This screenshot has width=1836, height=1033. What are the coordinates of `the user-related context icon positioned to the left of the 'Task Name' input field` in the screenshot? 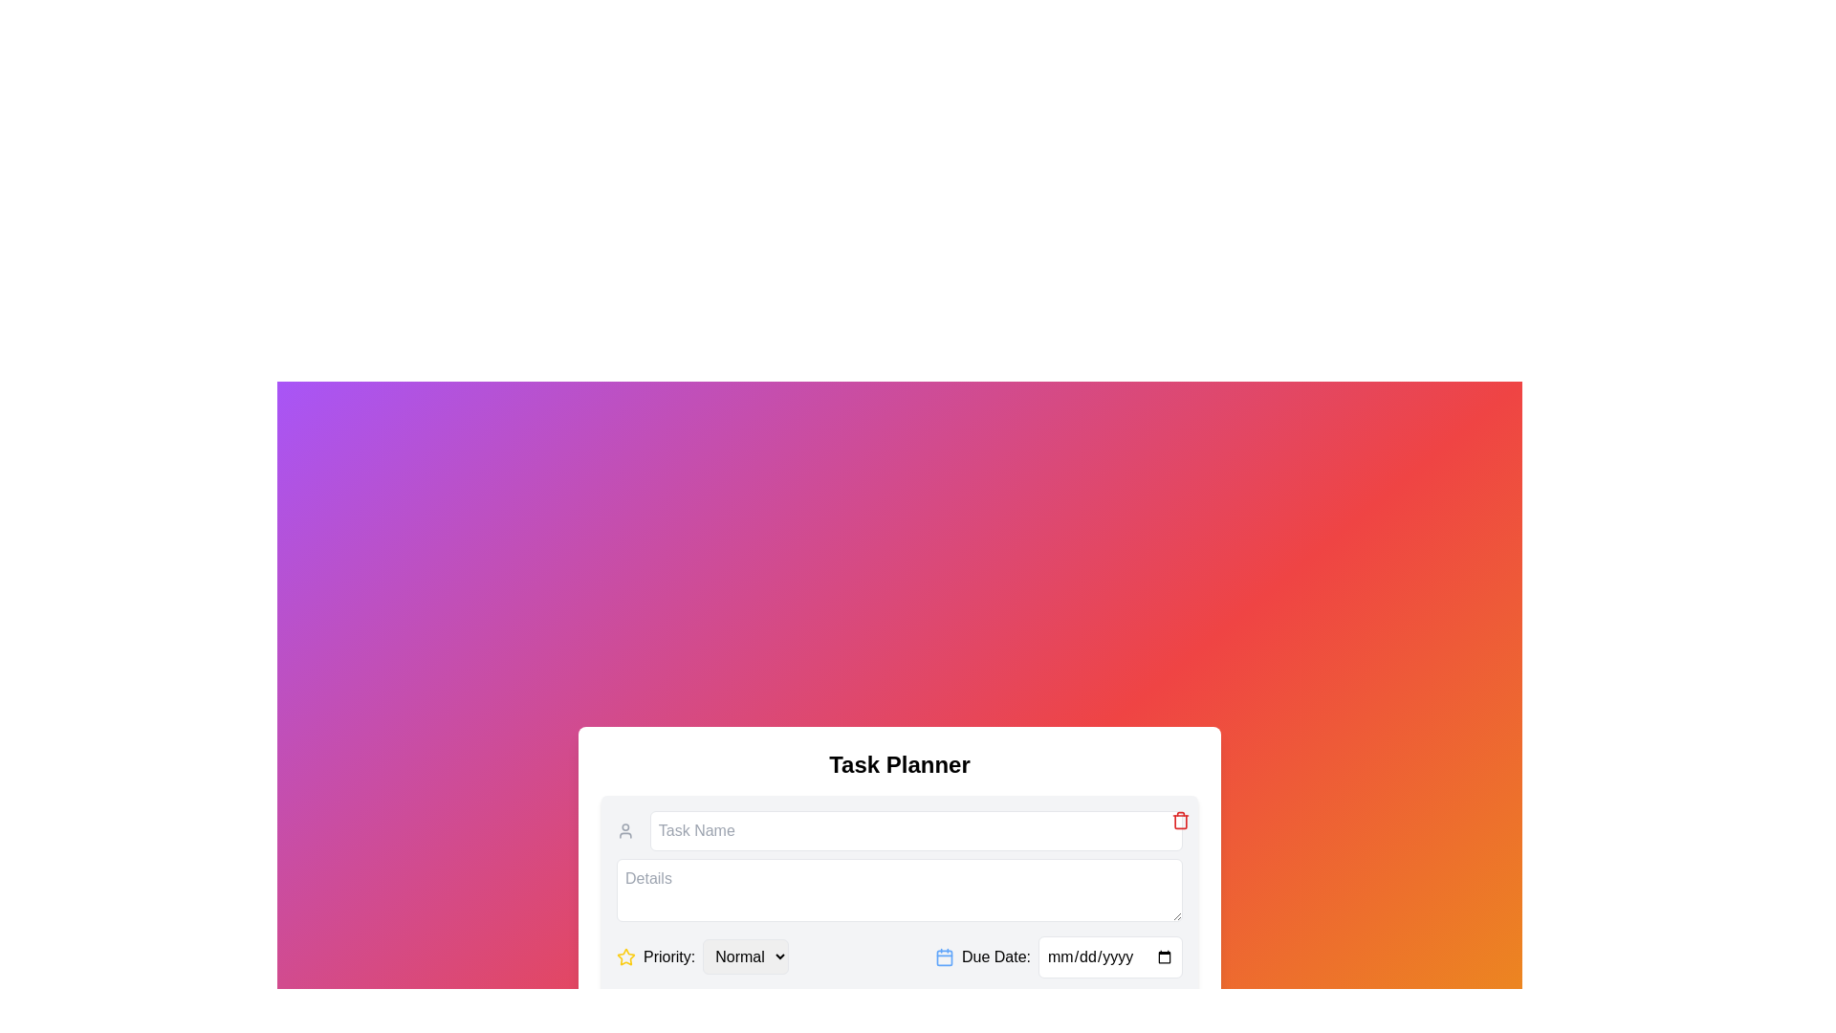 It's located at (625, 829).